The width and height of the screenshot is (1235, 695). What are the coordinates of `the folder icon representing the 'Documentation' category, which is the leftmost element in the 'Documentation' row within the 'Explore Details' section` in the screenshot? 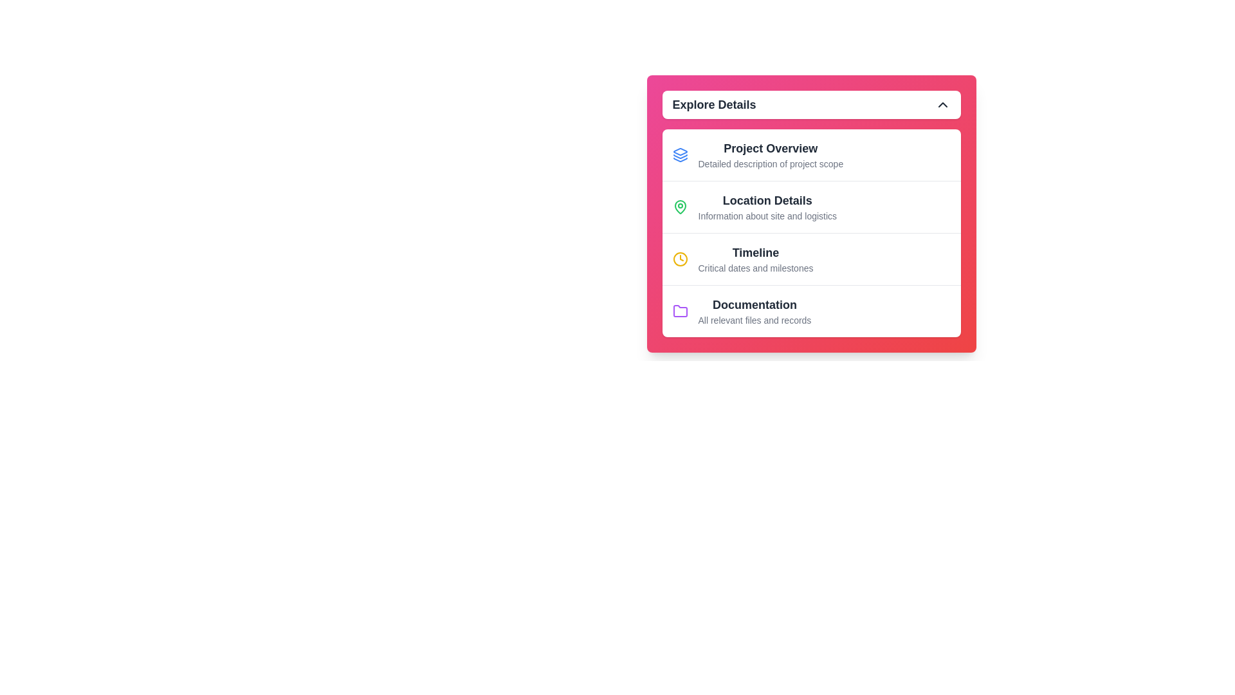 It's located at (679, 311).